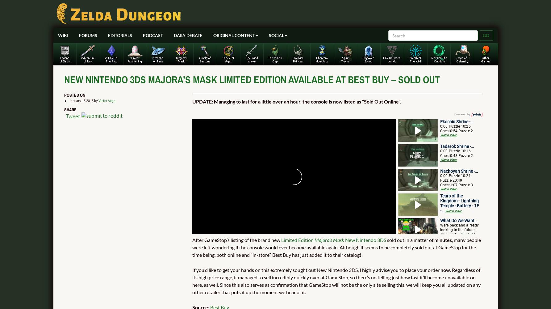 The height and width of the screenshot is (309, 551). What do you see at coordinates (83, 100) in the screenshot?
I see `'January 15 2015 by'` at bounding box center [83, 100].